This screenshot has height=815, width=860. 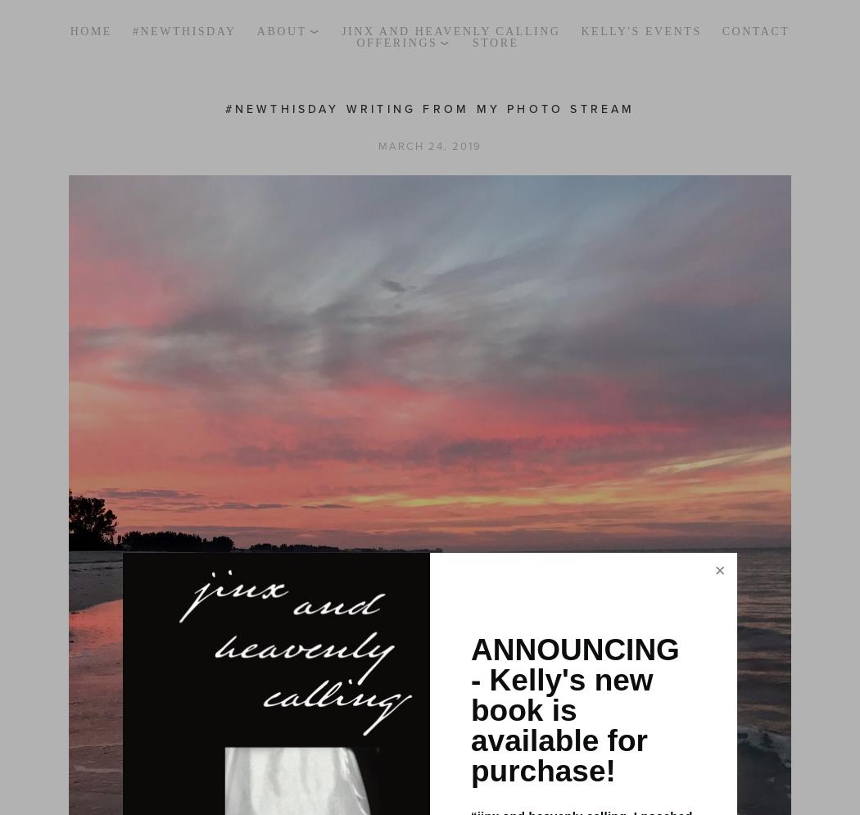 I want to click on 'About Kelly', so click(x=306, y=53).